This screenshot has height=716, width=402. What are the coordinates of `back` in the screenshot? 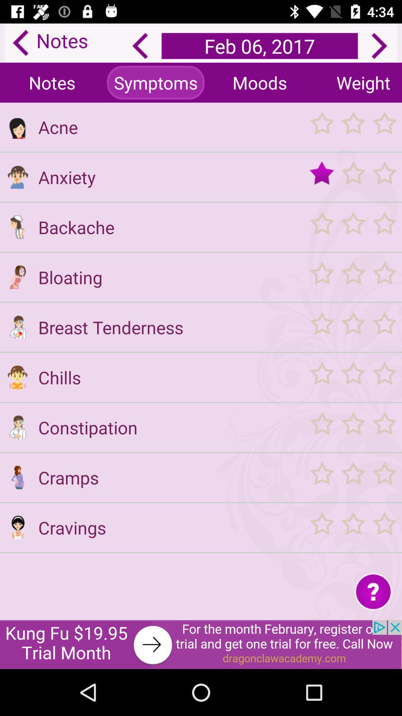 It's located at (140, 45).